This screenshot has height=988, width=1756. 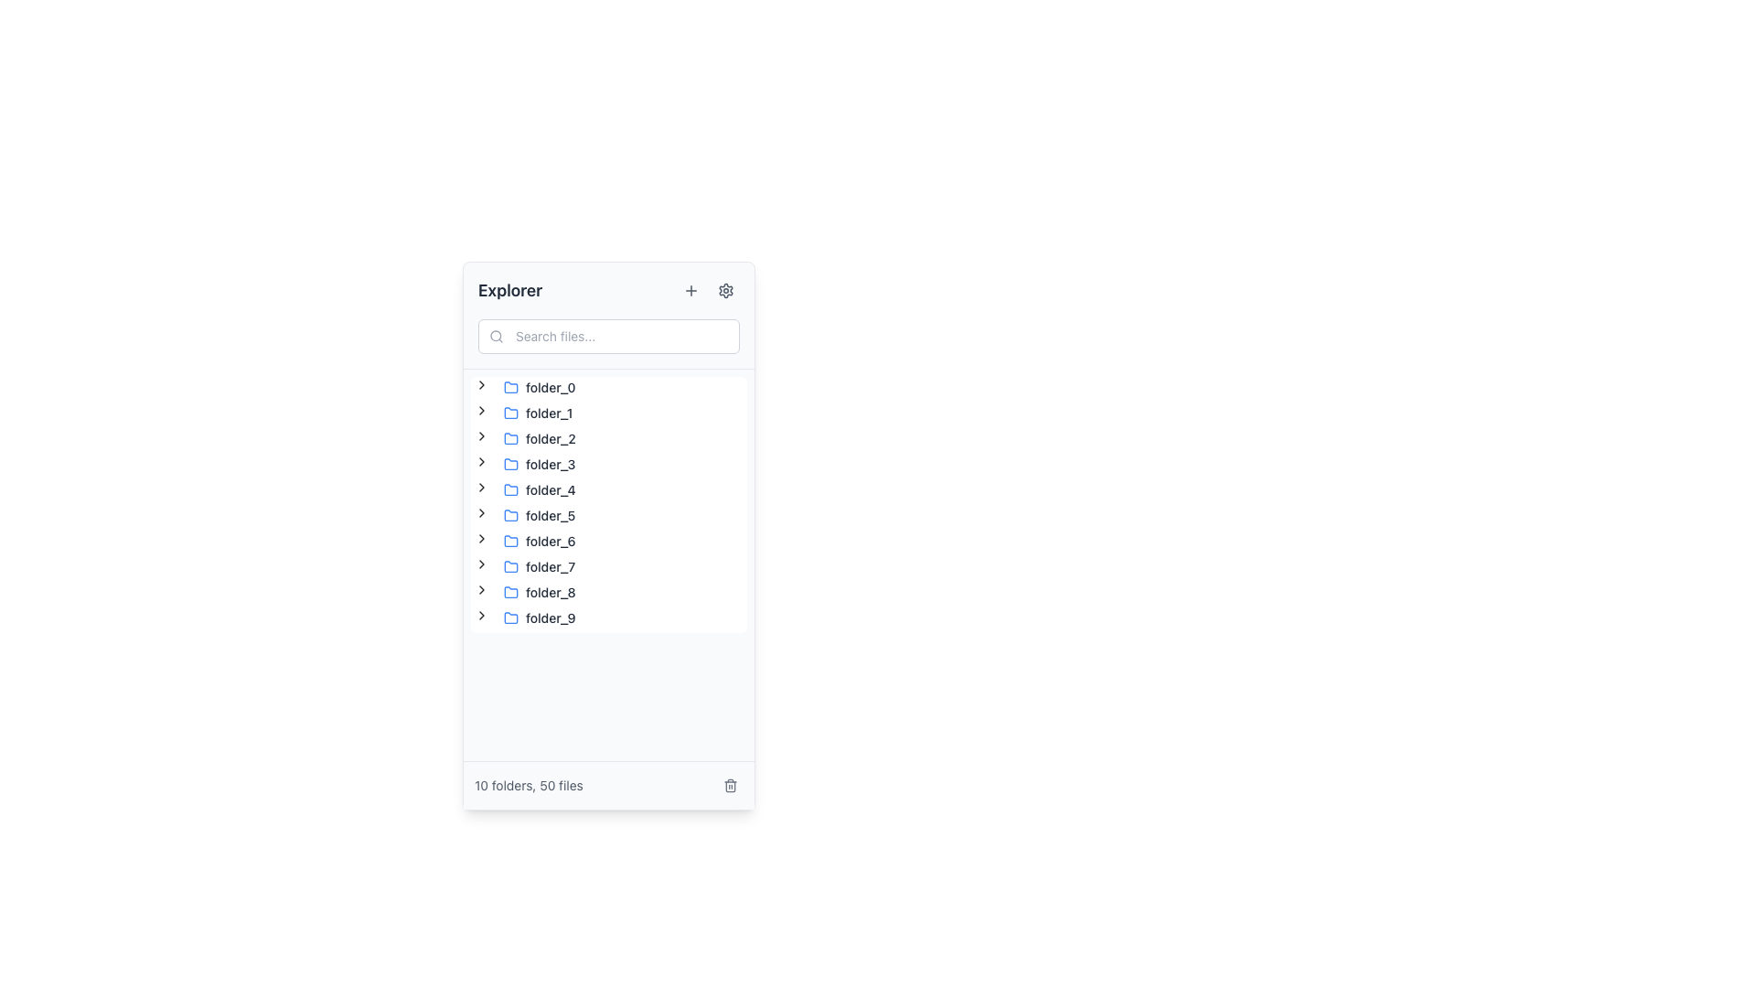 What do you see at coordinates (539, 617) in the screenshot?
I see `the folder entry in the Tree view node located below 'folder_8'` at bounding box center [539, 617].